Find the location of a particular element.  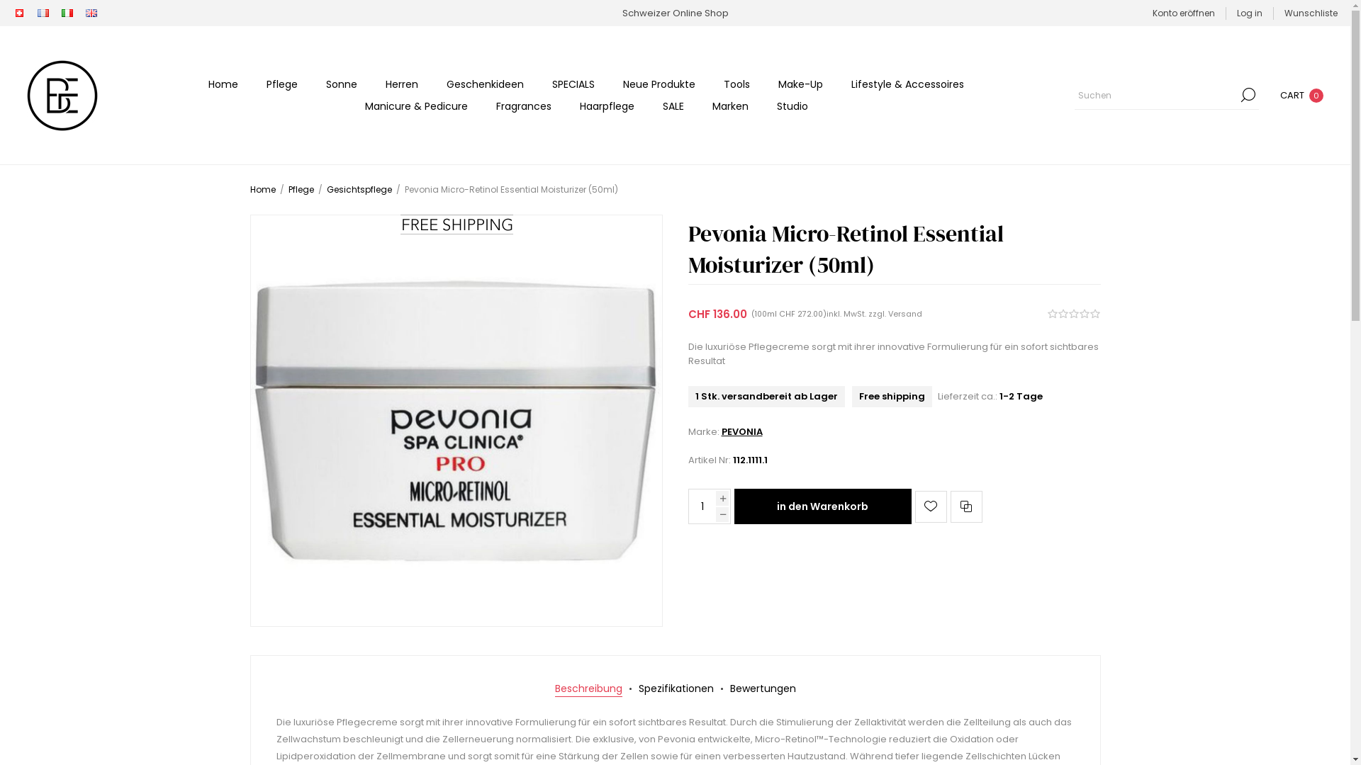

'Fragrances' is located at coordinates (523, 106).